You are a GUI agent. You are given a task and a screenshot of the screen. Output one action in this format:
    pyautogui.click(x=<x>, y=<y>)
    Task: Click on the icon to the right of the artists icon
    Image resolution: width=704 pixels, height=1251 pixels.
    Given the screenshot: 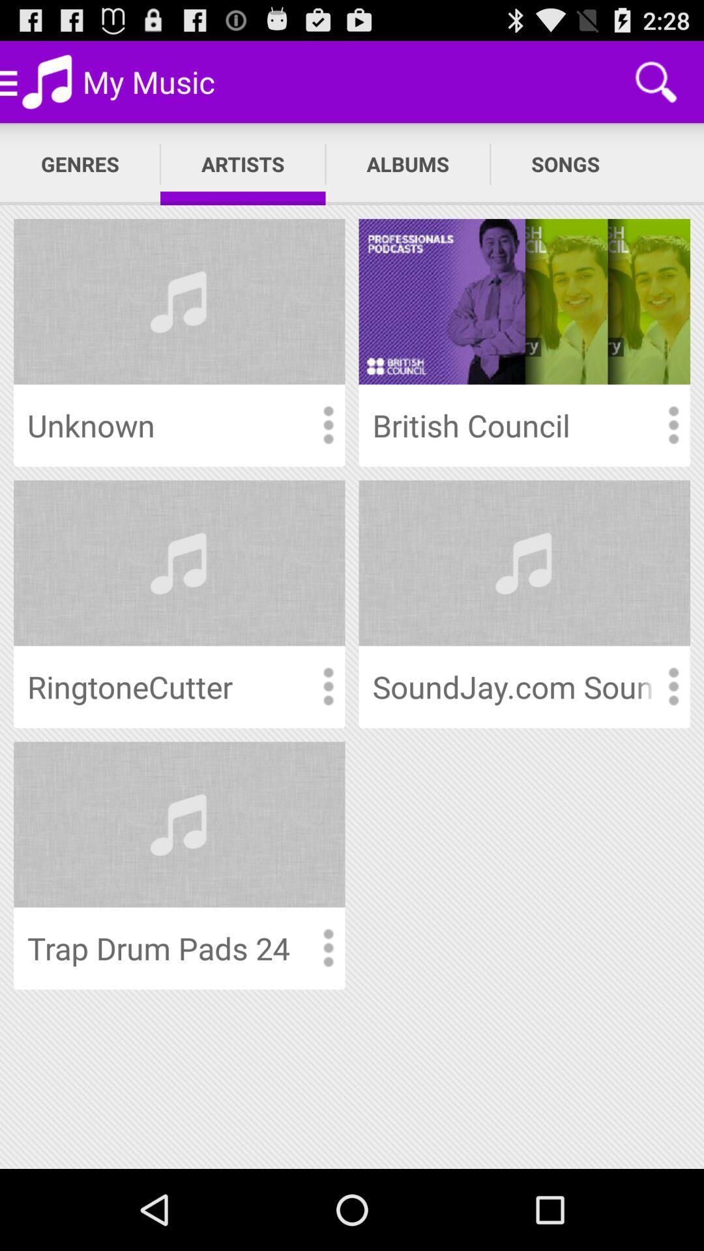 What is the action you would take?
    pyautogui.click(x=407, y=164)
    